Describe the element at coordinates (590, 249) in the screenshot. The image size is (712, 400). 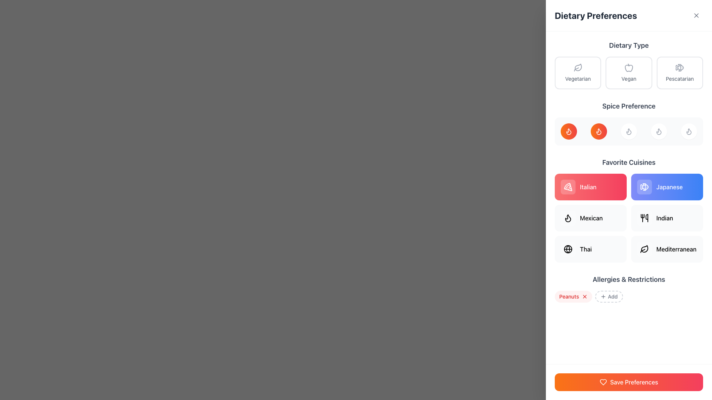
I see `the selectable button for 'Thai' cuisine in the 'Favorite Cuisines' section` at that location.